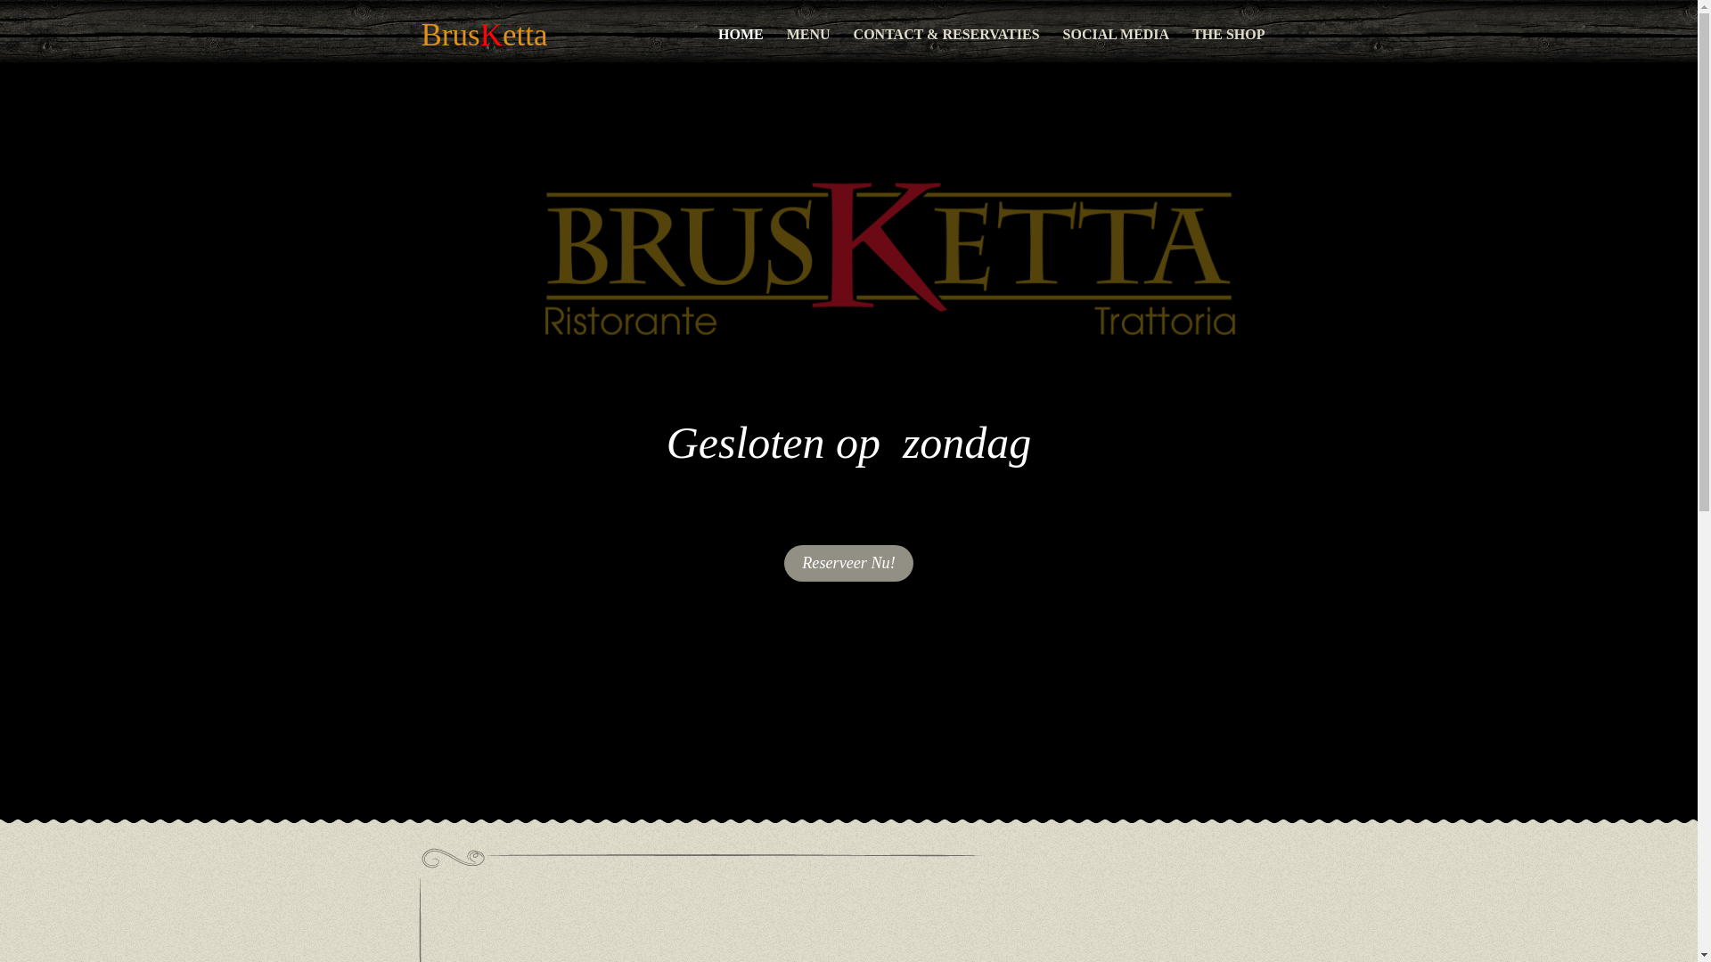 Image resolution: width=1711 pixels, height=962 pixels. Describe the element at coordinates (946, 35) in the screenshot. I see `'CONTACT & RESERVATIES'` at that location.